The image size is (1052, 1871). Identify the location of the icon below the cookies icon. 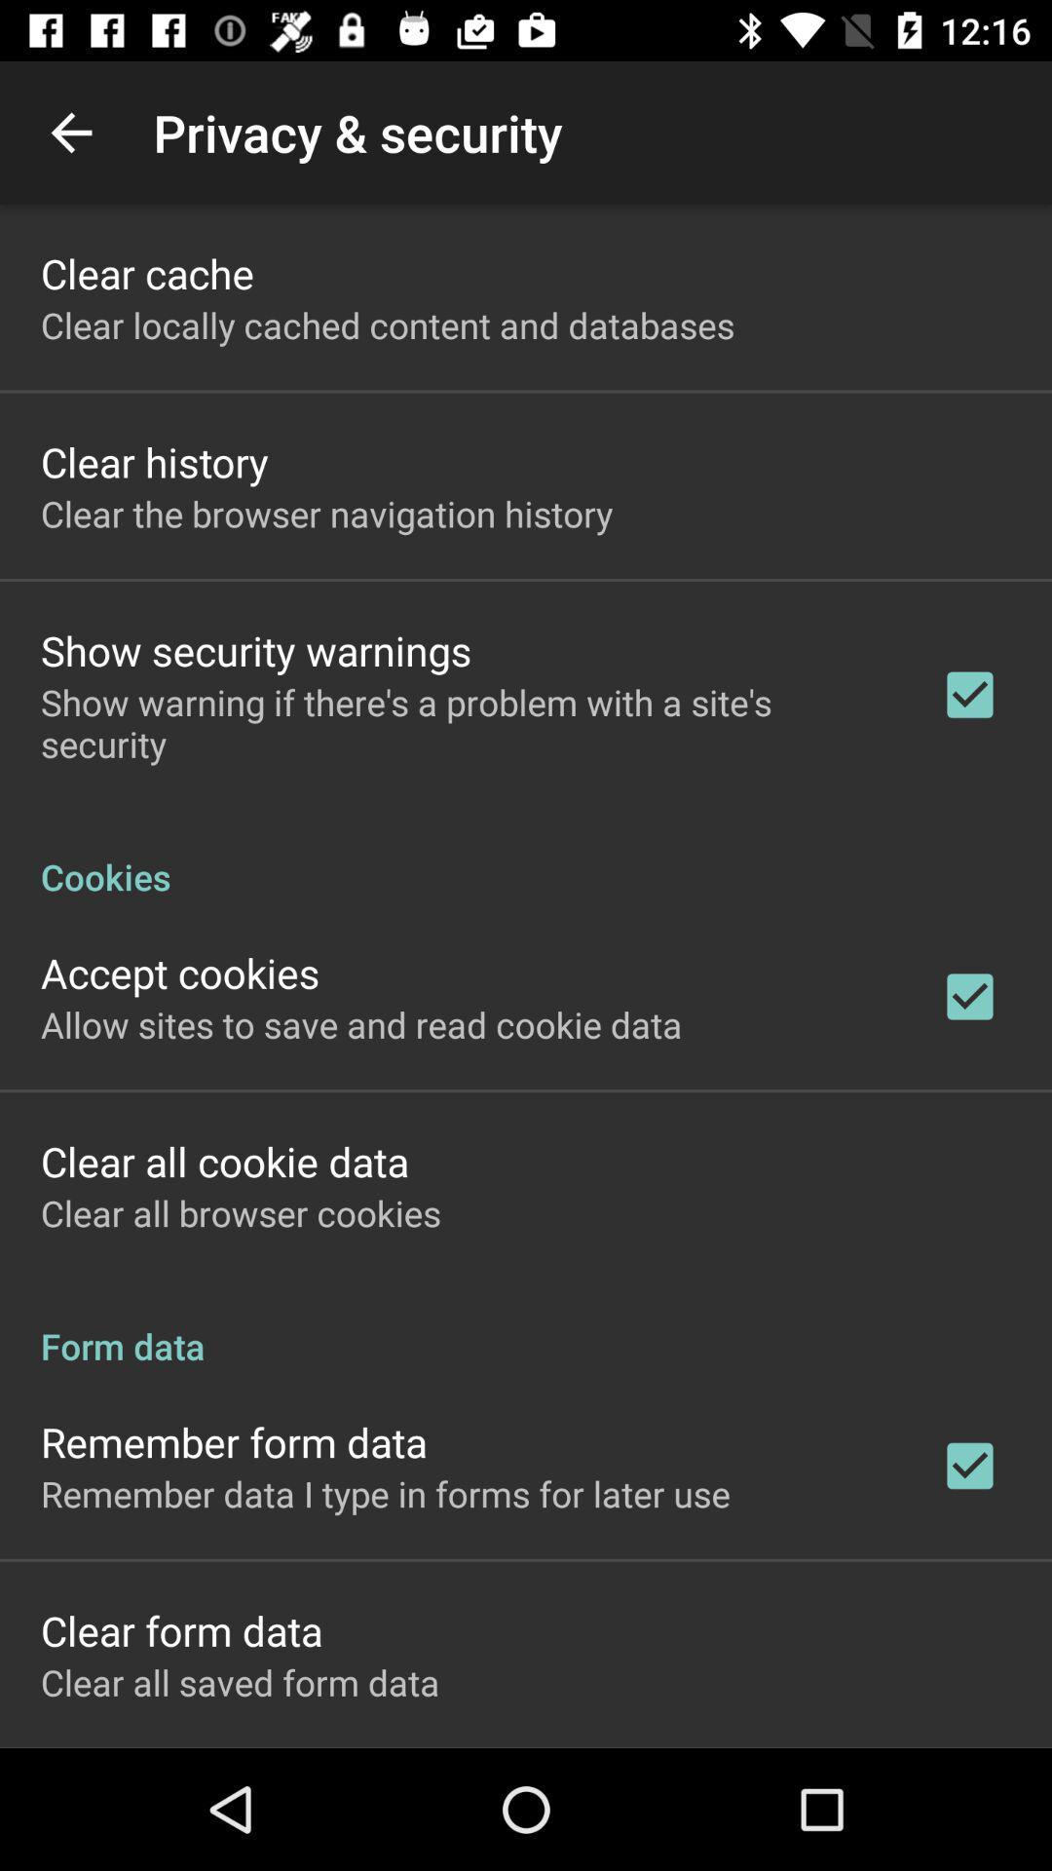
(180, 973).